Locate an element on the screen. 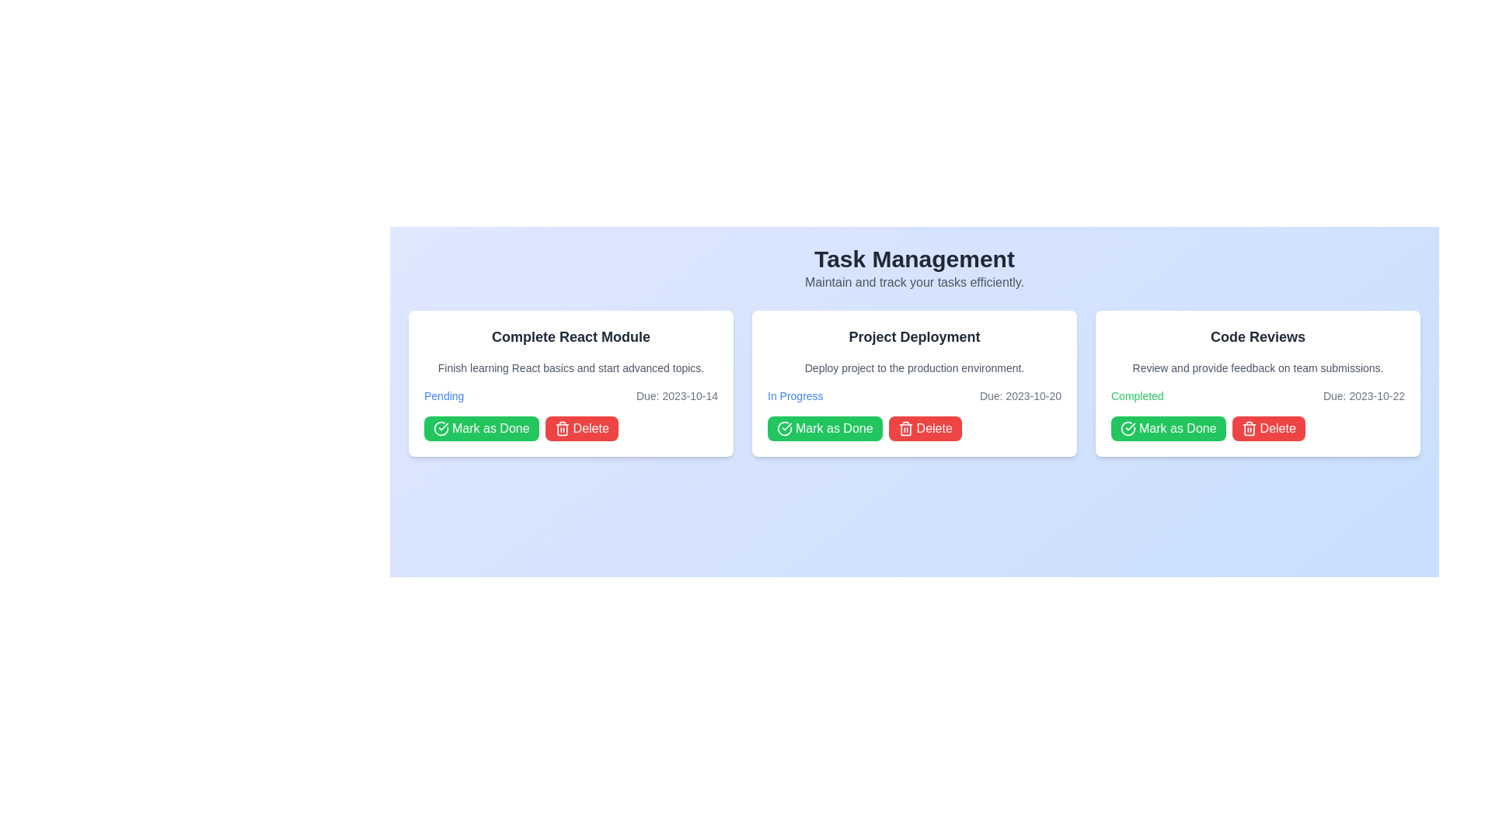  status indicator label that shows the completion status of the 'Code Reviews' task, located near the top-right corner of the task management interface is located at coordinates (1137, 395).